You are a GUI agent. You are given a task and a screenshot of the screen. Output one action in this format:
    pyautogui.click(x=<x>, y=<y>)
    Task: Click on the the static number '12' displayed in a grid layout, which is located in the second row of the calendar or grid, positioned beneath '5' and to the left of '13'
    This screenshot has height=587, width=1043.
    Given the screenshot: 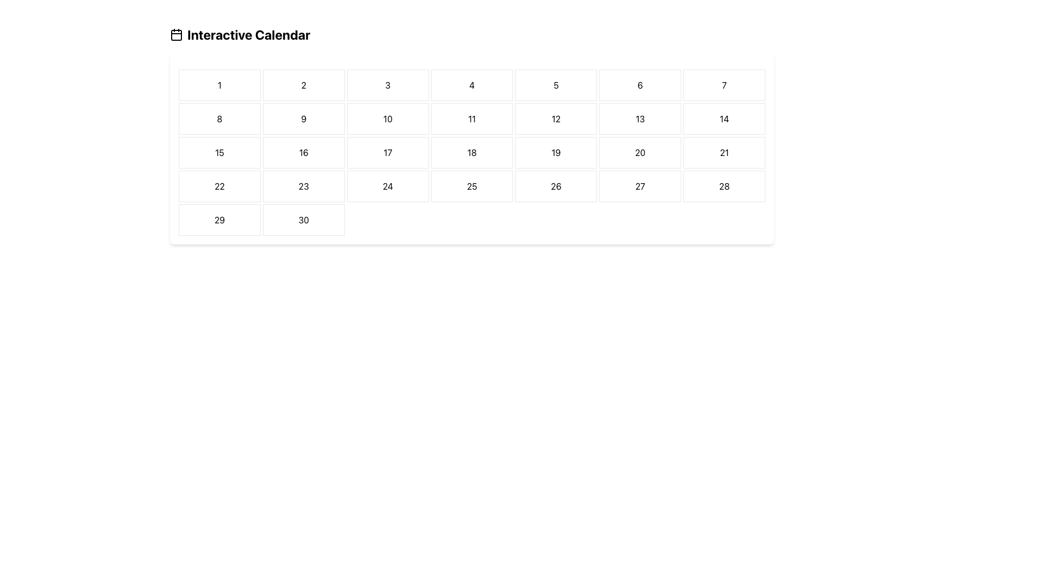 What is the action you would take?
    pyautogui.click(x=556, y=119)
    